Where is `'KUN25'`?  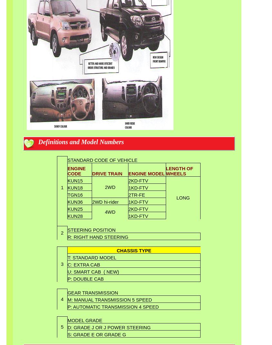
'KUN25' is located at coordinates (74, 209).